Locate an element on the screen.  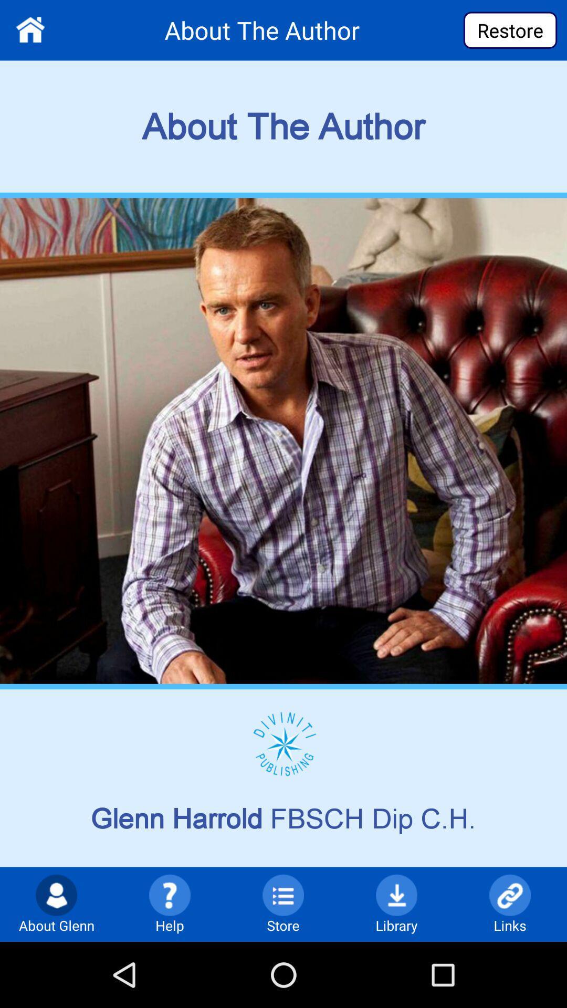
the icon which is left side of help option is located at coordinates (56, 894).